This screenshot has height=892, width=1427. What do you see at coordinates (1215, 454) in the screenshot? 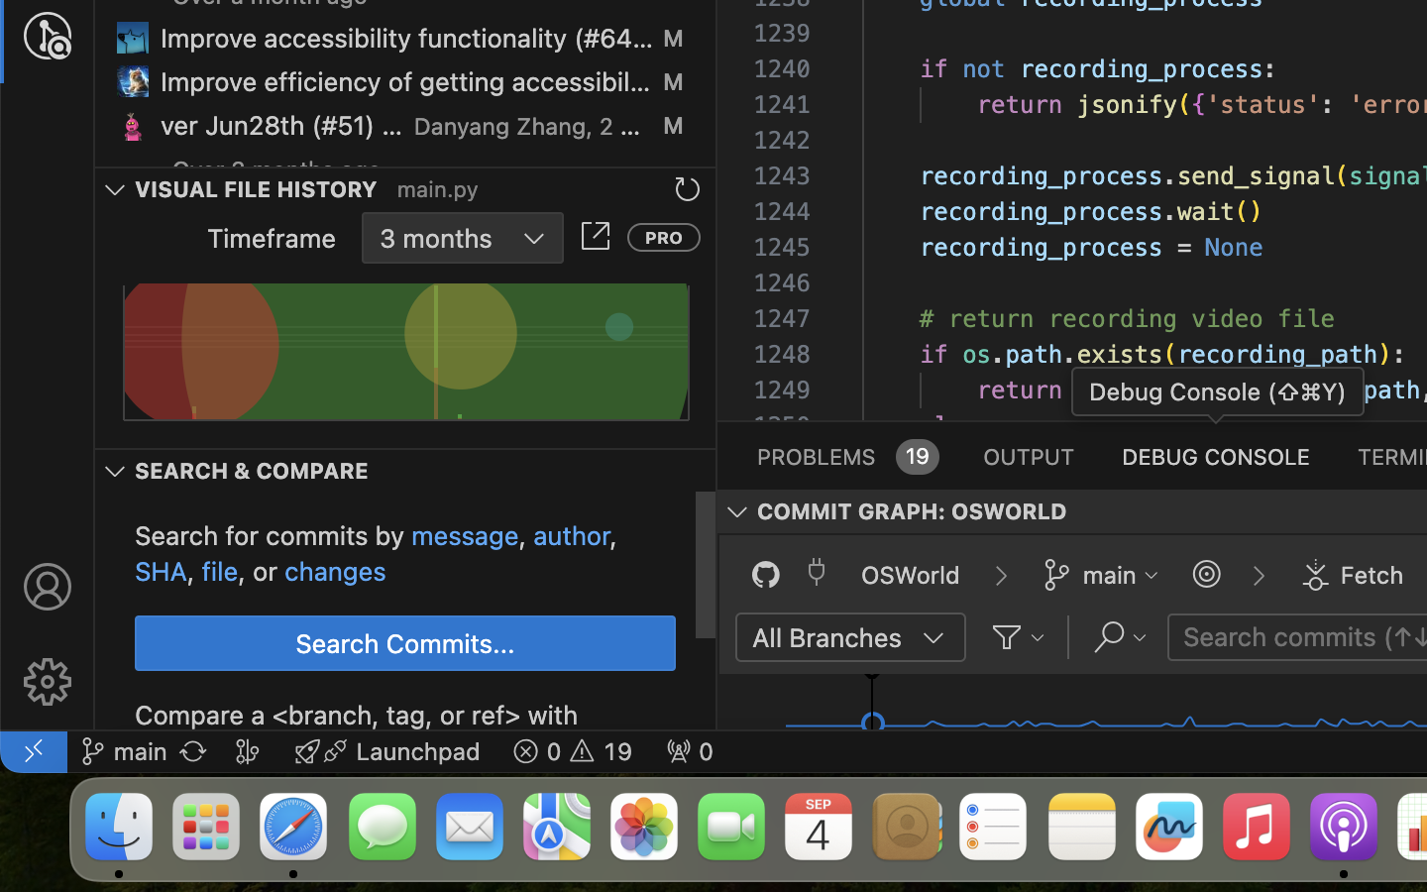
I see `'0 DEBUG CONSOLE'` at bounding box center [1215, 454].